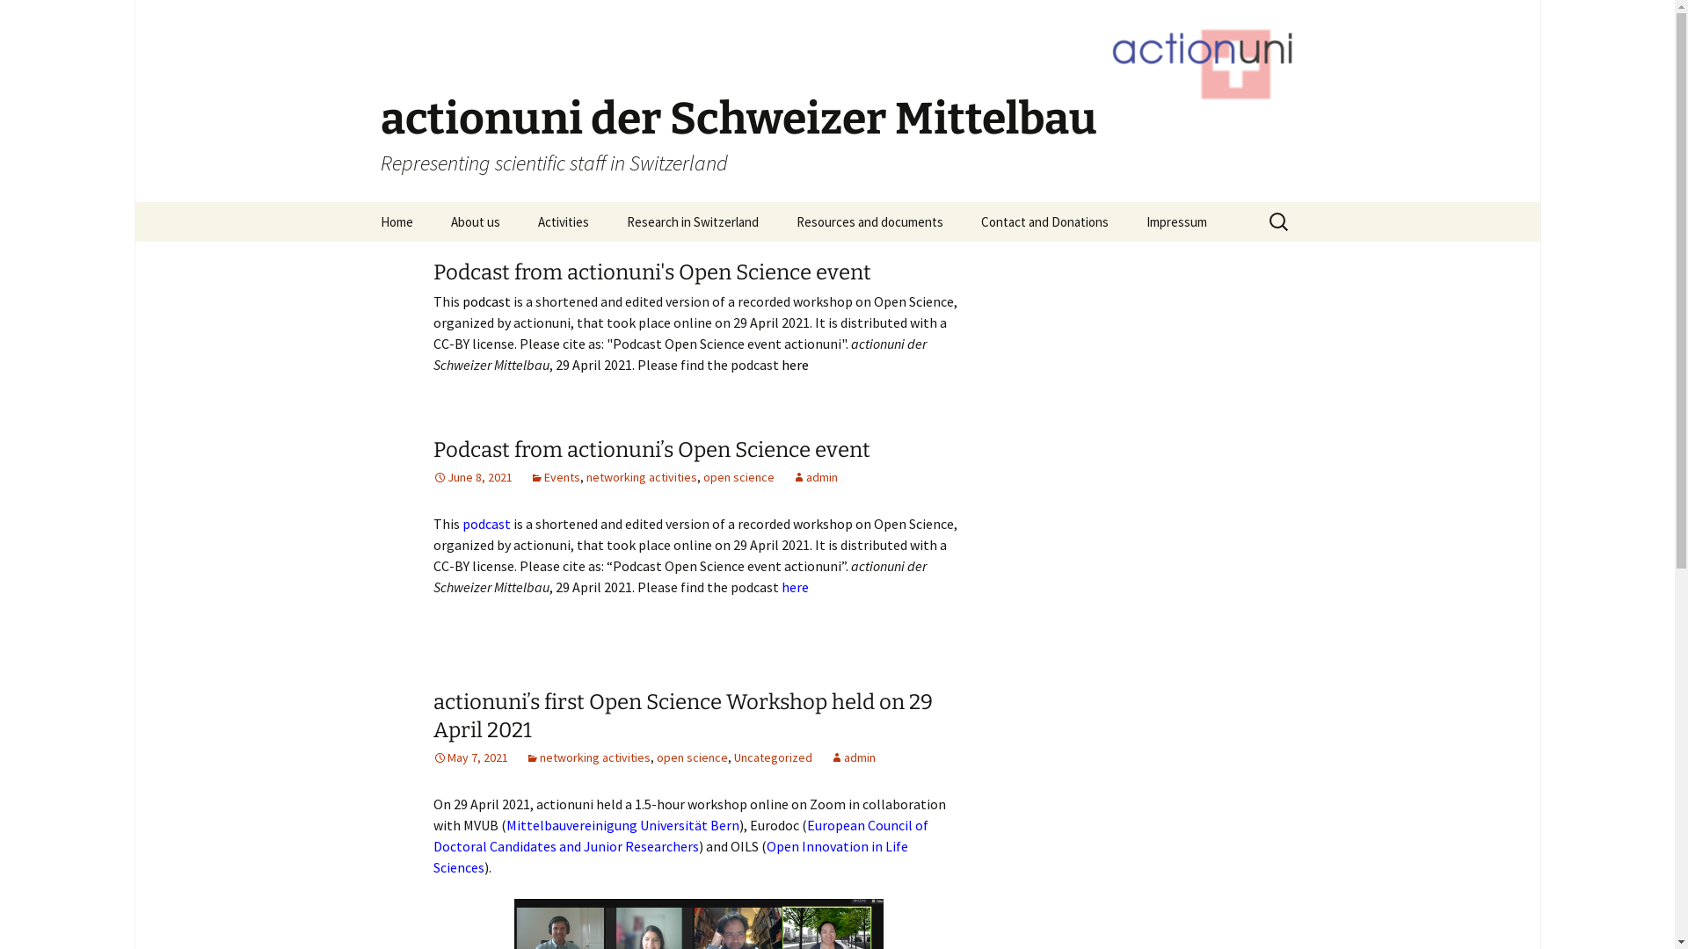 The height and width of the screenshot is (949, 1688). What do you see at coordinates (519, 261) in the screenshot?
I see `'Board members'` at bounding box center [519, 261].